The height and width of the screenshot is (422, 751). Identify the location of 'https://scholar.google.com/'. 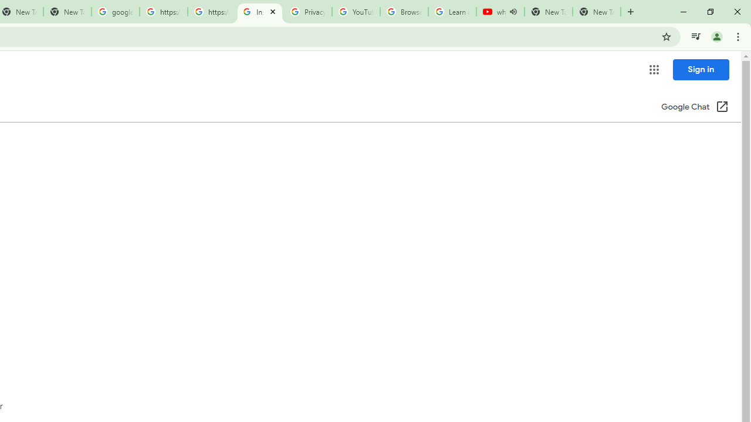
(211, 12).